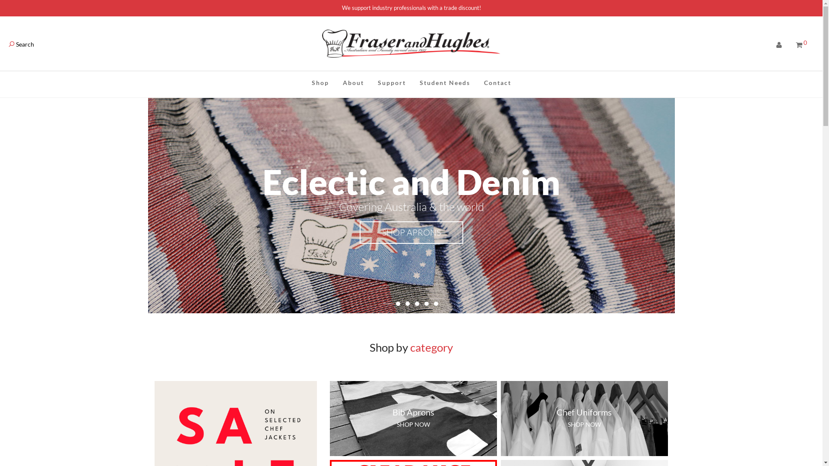 This screenshot has width=829, height=466. I want to click on '5', so click(426, 303).